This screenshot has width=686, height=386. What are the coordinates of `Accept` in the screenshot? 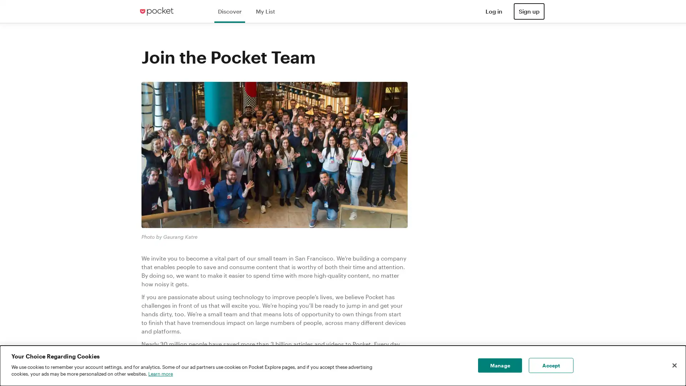 It's located at (551, 365).